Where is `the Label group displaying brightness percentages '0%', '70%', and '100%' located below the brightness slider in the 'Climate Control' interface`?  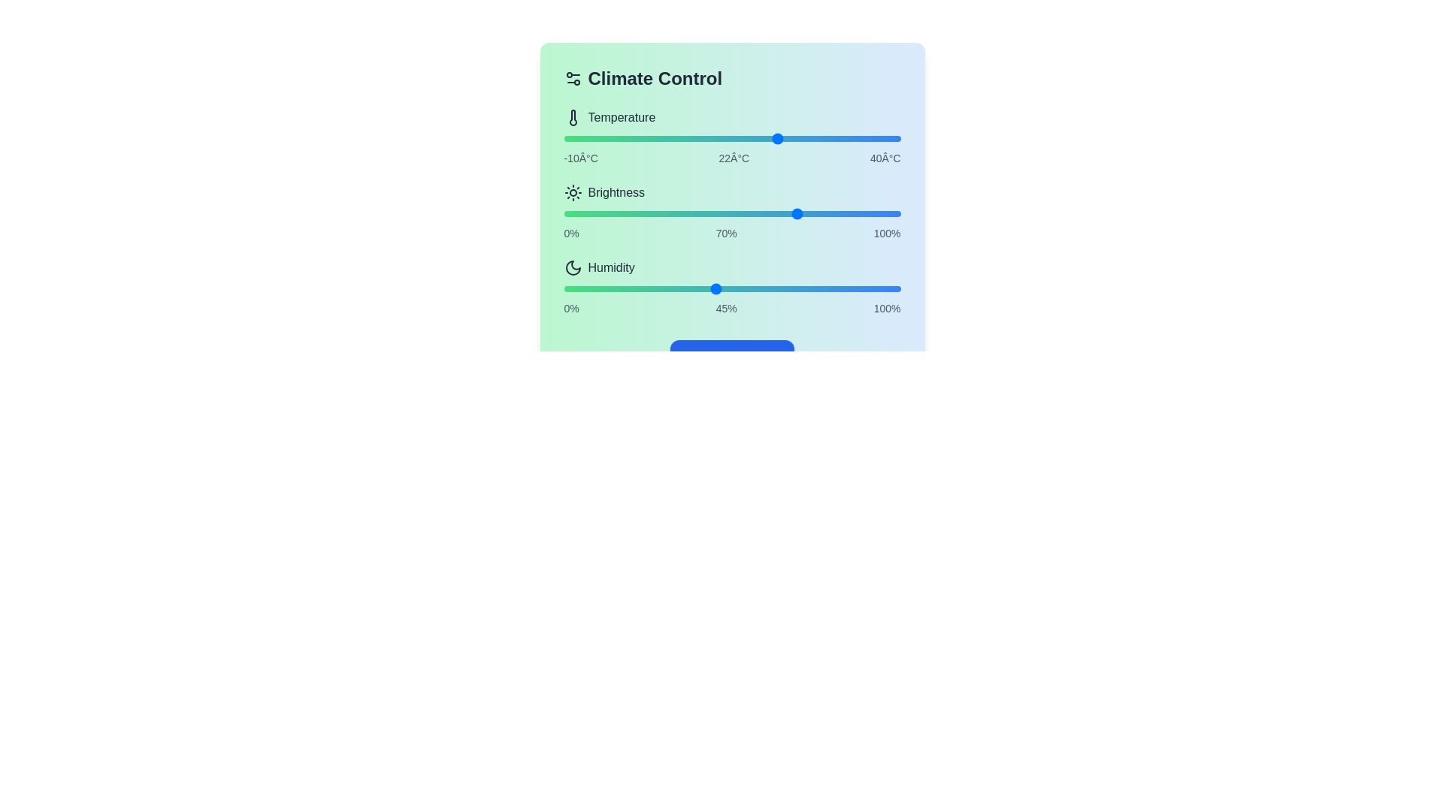 the Label group displaying brightness percentages '0%', '70%', and '100%' located below the brightness slider in the 'Climate Control' interface is located at coordinates (732, 234).